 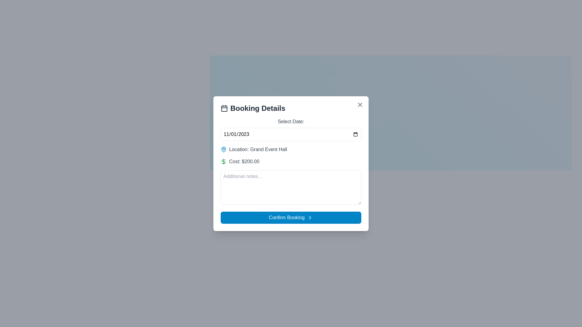 I want to click on the location pin icon in the 'Booking Details' form, which serves as a visual cue for the 'Location: Grand Event Hall' field, so click(x=223, y=149).